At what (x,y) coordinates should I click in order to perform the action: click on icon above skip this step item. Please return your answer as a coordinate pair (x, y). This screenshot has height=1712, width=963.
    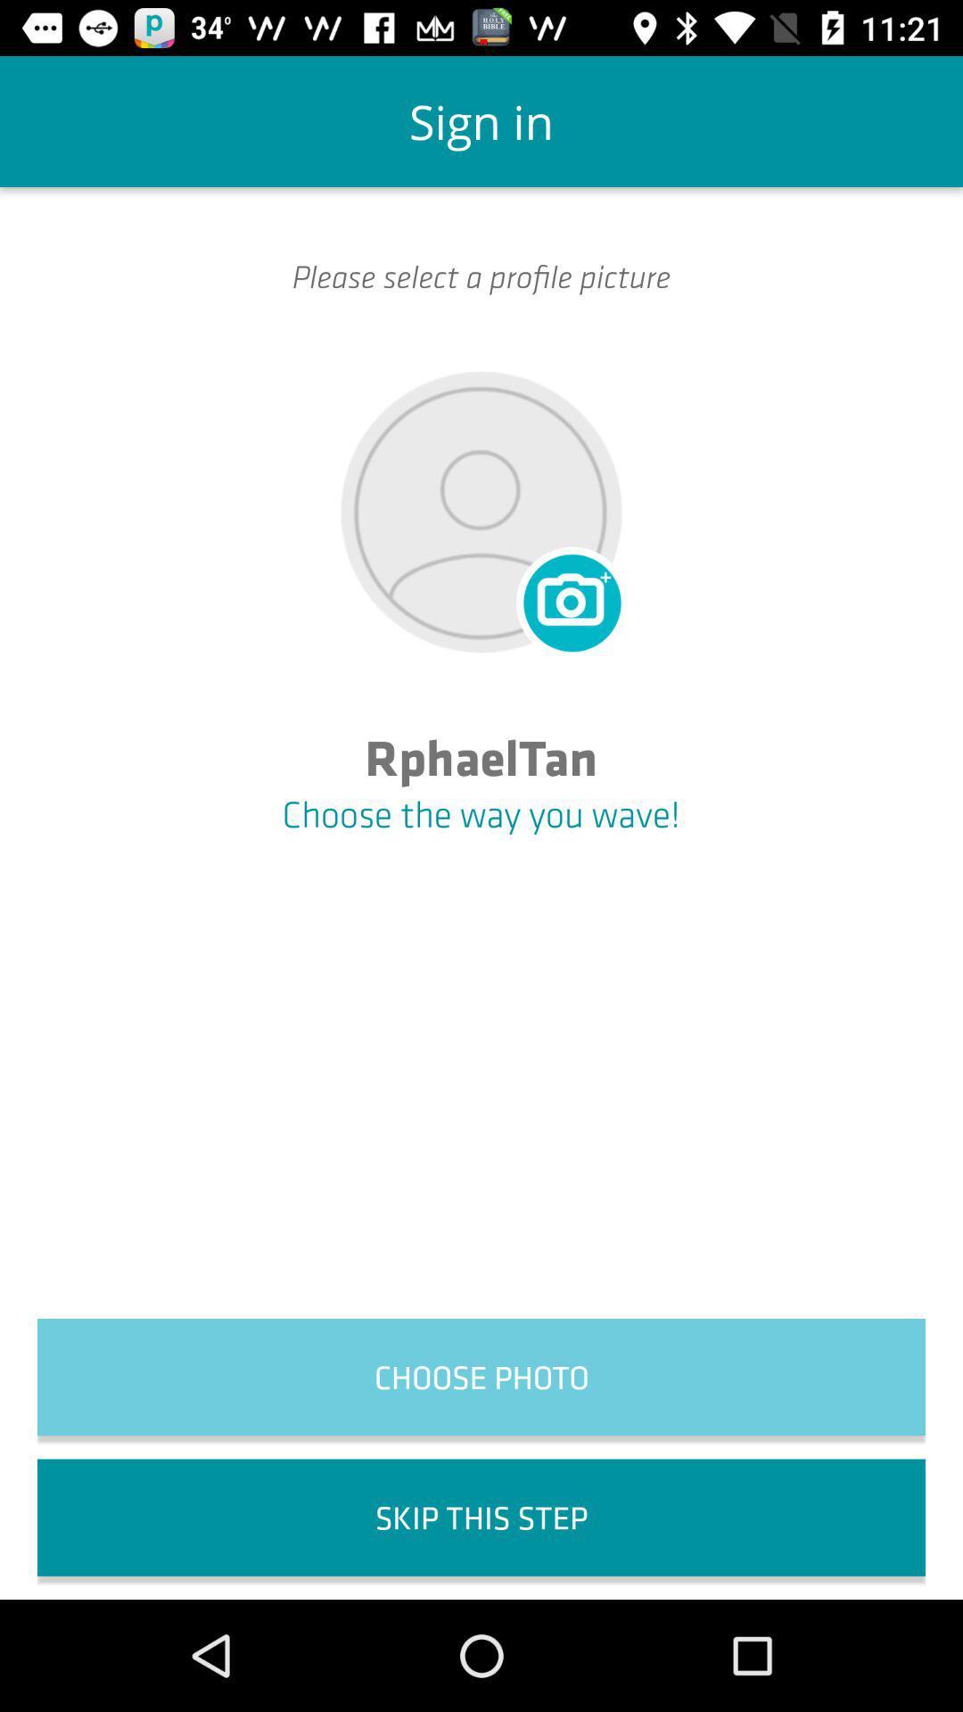
    Looking at the image, I should click on (481, 1376).